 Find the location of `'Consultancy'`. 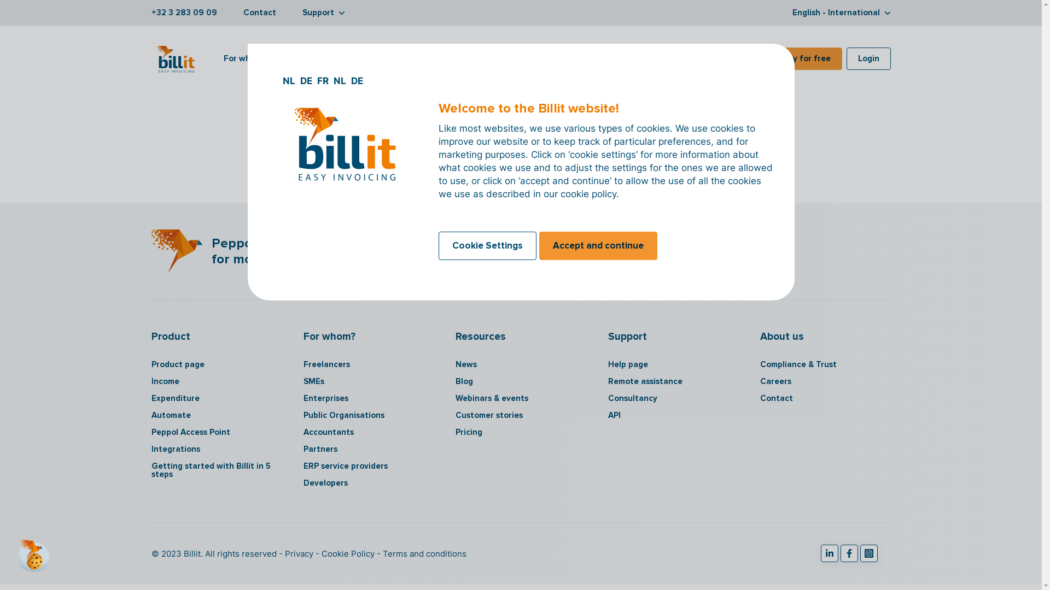

'Consultancy' is located at coordinates (672, 398).